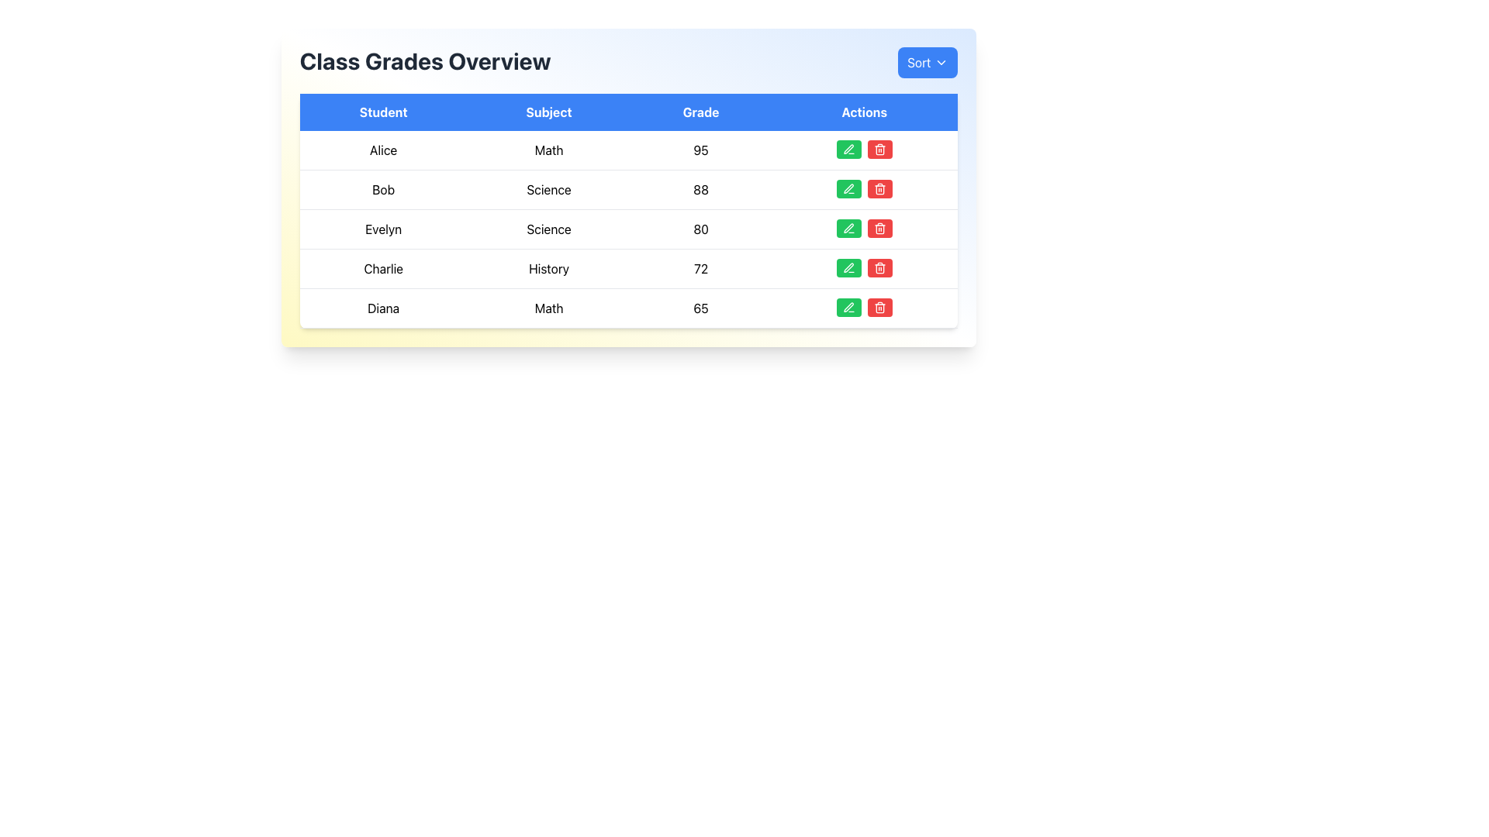  I want to click on the static text displaying 'Science' associated with the student 'Bob' in the second row and second column of the table, so click(549, 189).